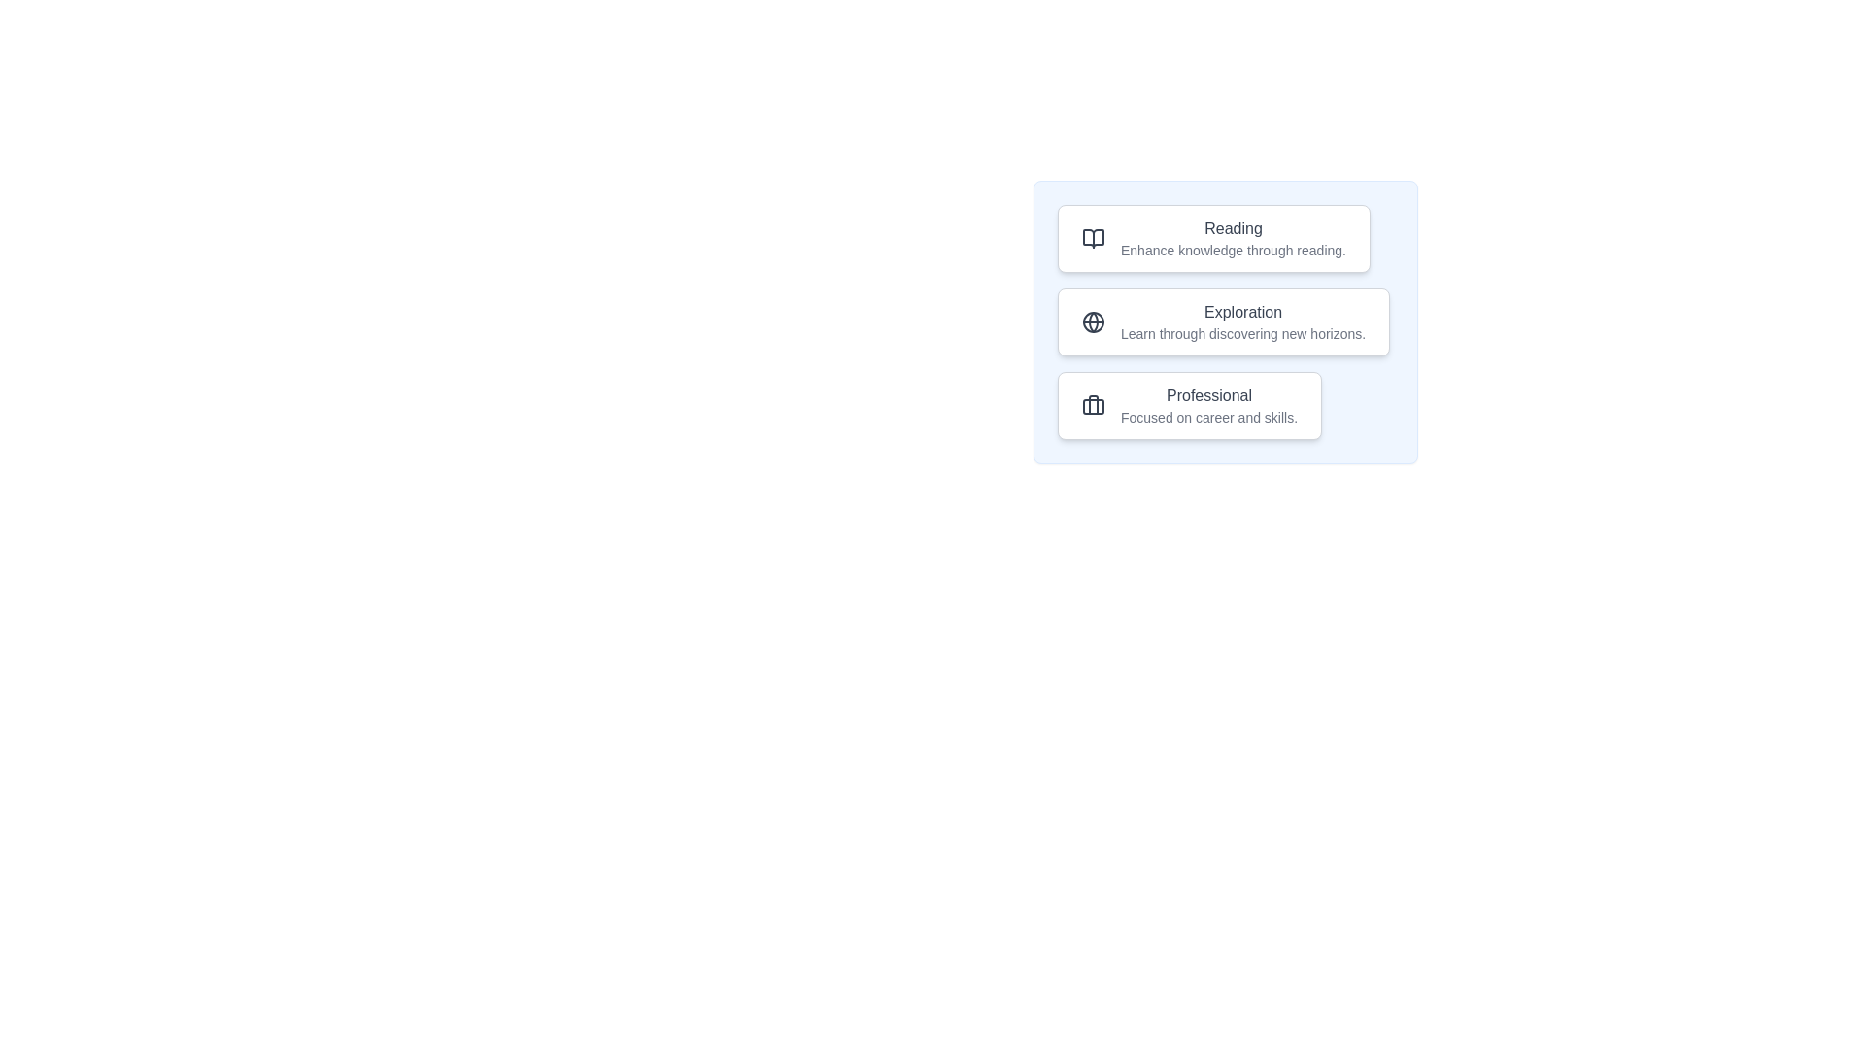 The image size is (1865, 1049). I want to click on the focus chip labeled Reading, so click(1212, 238).